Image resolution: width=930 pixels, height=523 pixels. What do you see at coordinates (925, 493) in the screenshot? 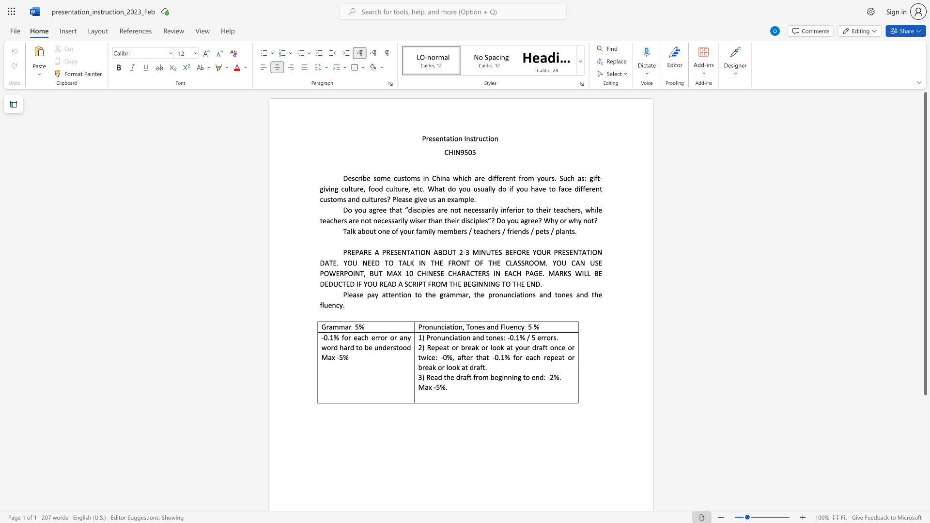
I see `the side scrollbar to bring the page down` at bounding box center [925, 493].